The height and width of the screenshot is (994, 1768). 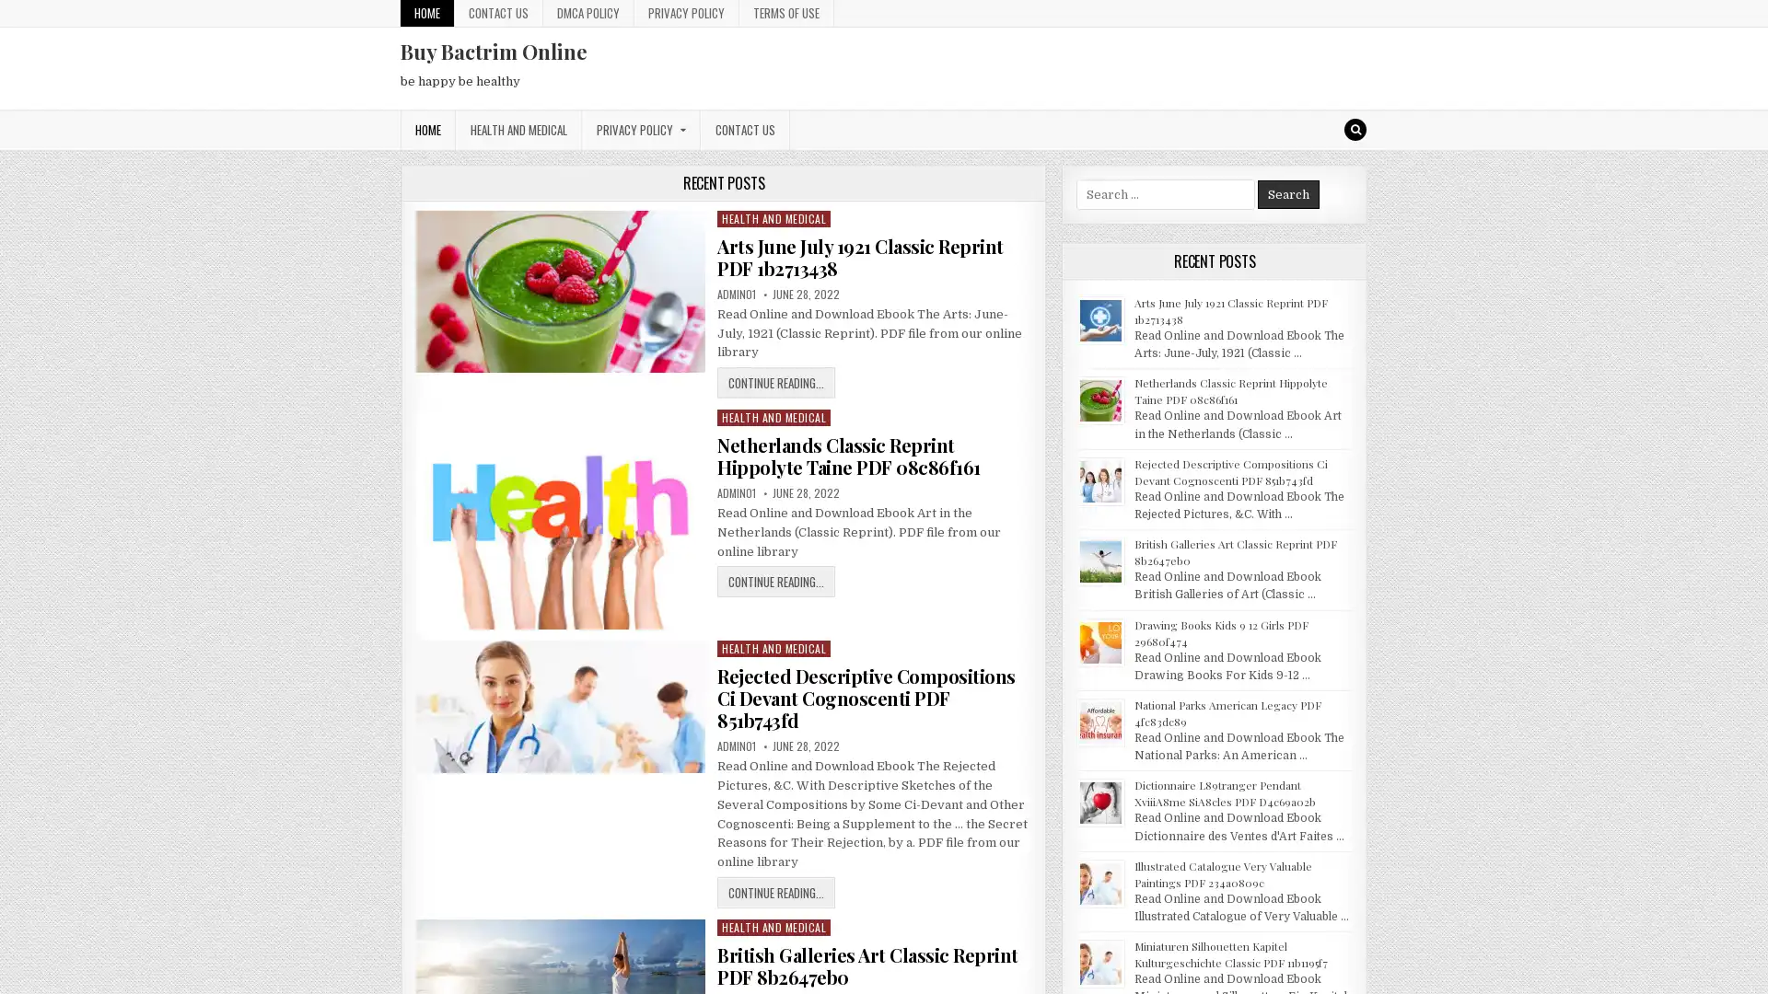 What do you see at coordinates (1287, 194) in the screenshot?
I see `Search` at bounding box center [1287, 194].